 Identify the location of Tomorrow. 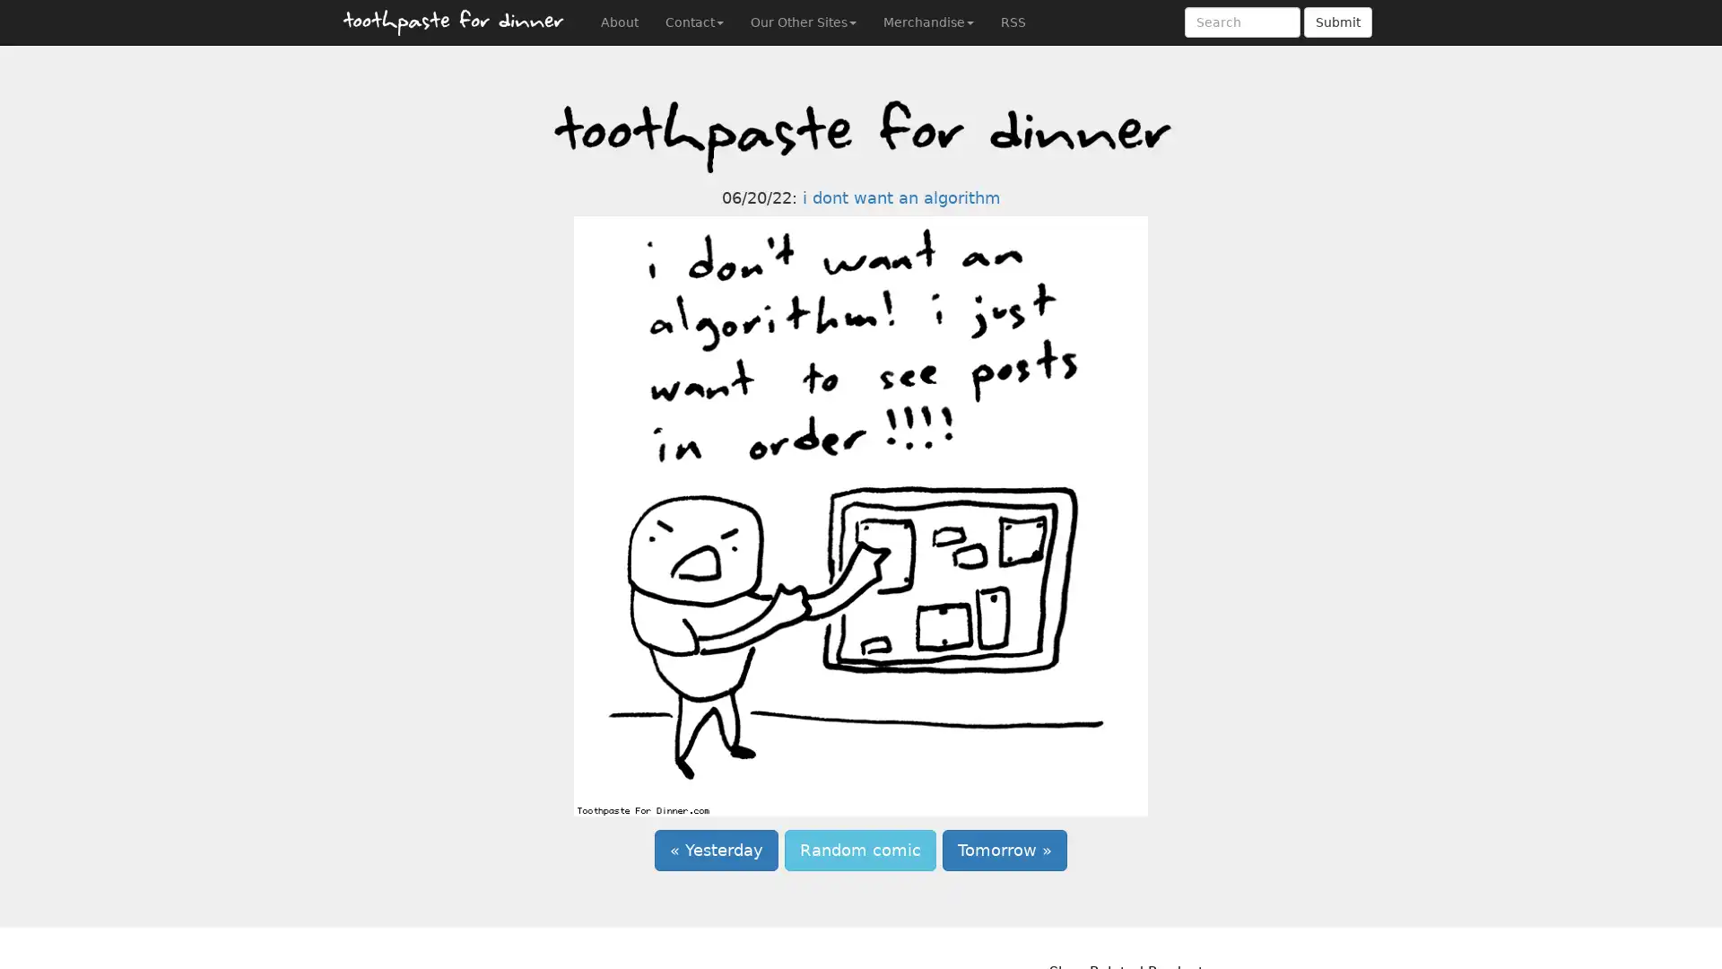
(1004, 850).